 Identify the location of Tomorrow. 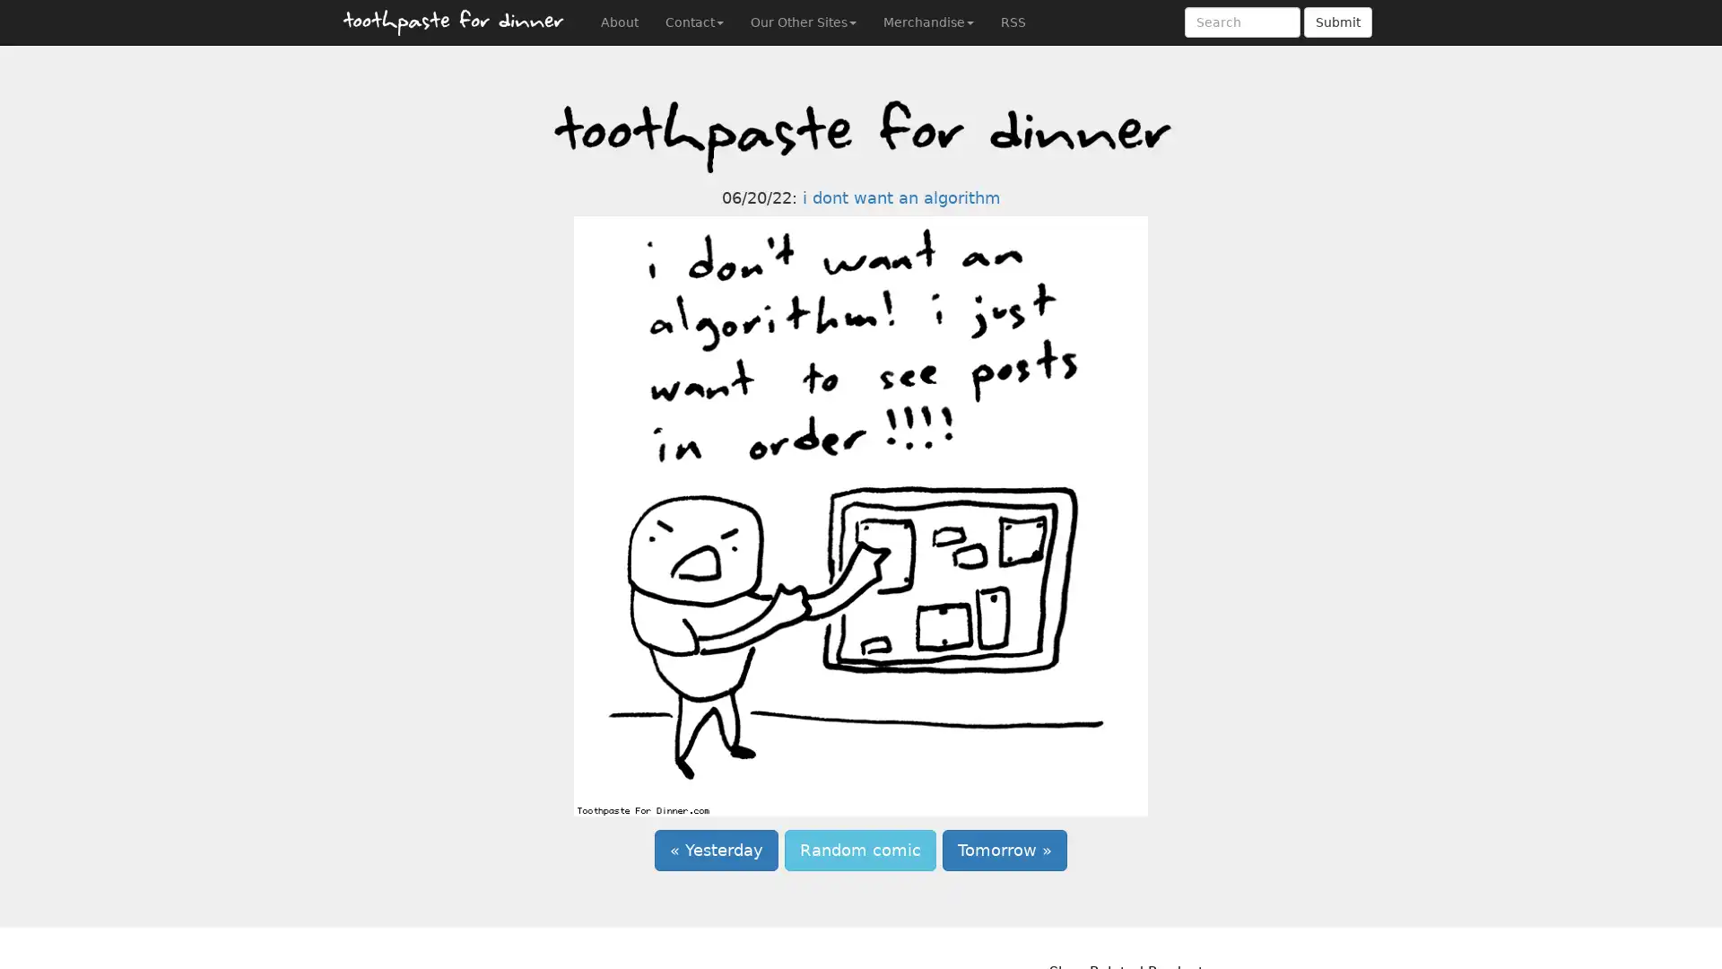
(1004, 850).